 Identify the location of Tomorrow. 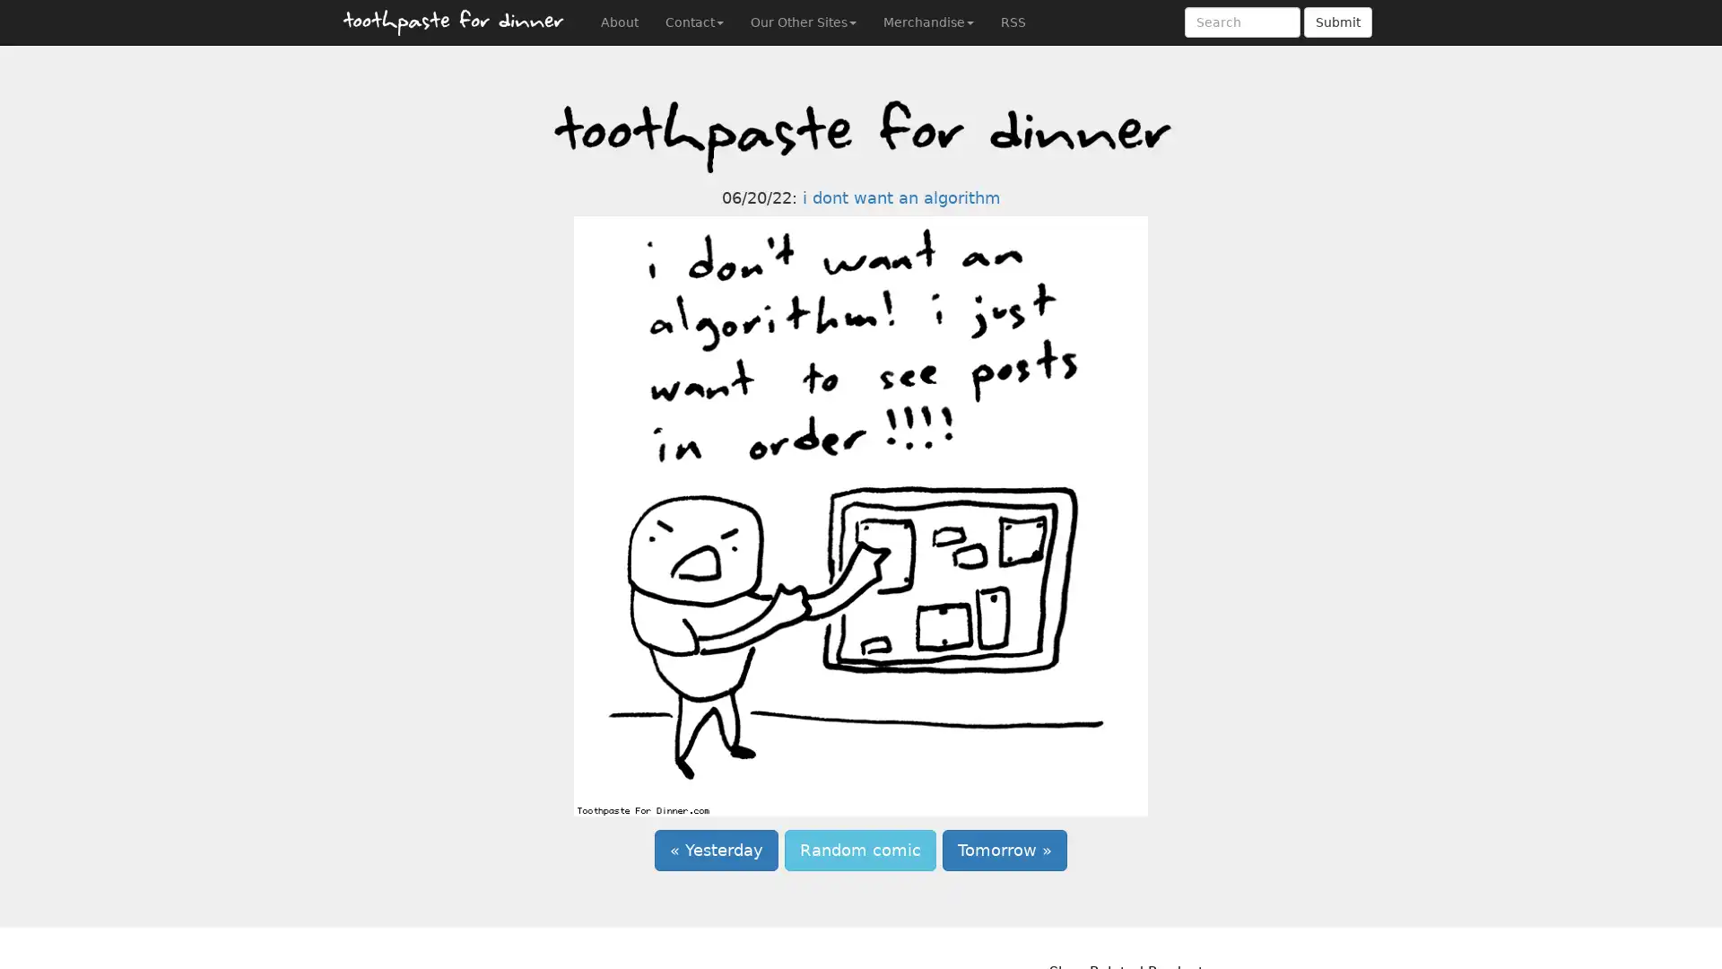
(1004, 850).